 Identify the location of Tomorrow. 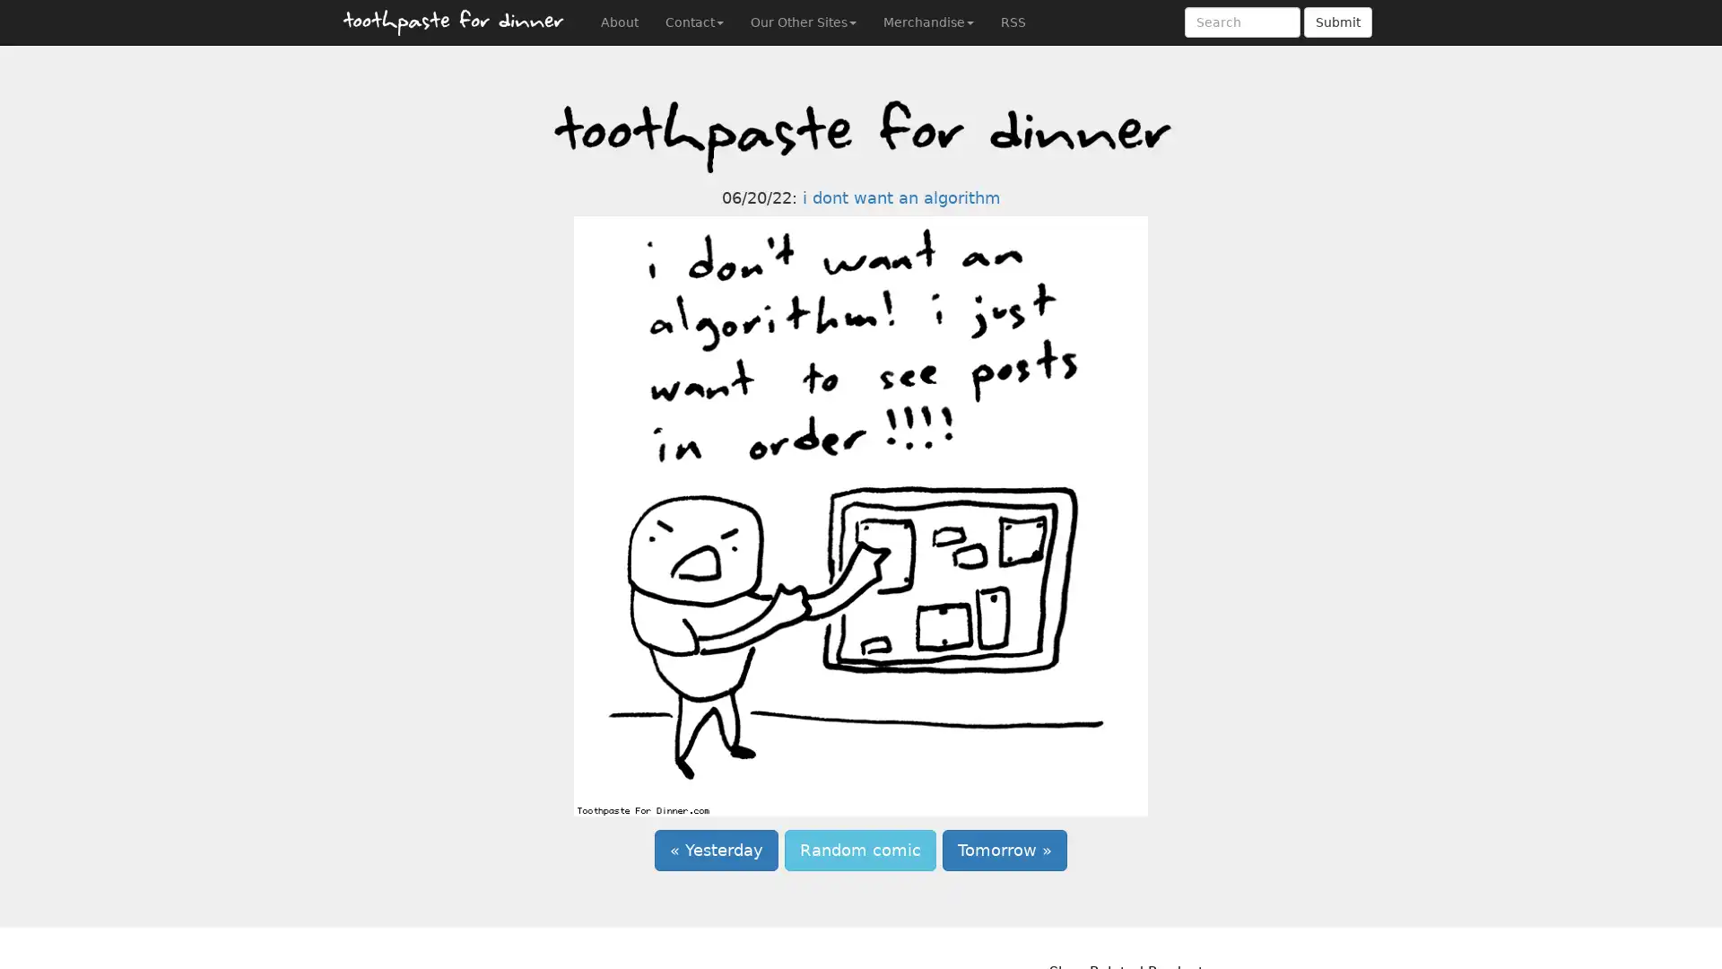
(1004, 850).